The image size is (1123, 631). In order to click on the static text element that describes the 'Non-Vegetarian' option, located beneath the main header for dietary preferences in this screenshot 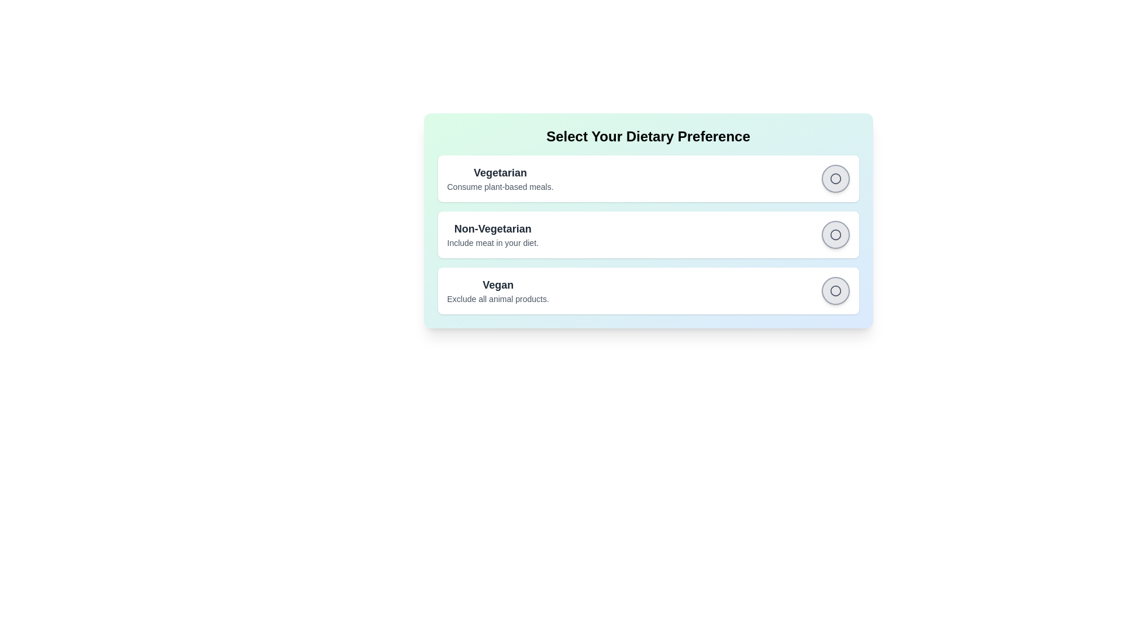, I will do `click(492, 242)`.